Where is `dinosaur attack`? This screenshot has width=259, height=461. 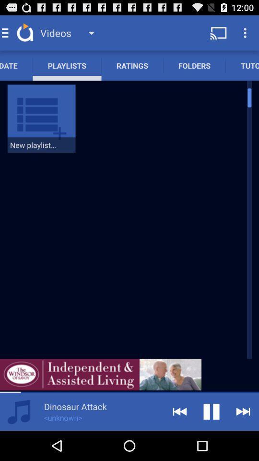
dinosaur attack is located at coordinates (75, 406).